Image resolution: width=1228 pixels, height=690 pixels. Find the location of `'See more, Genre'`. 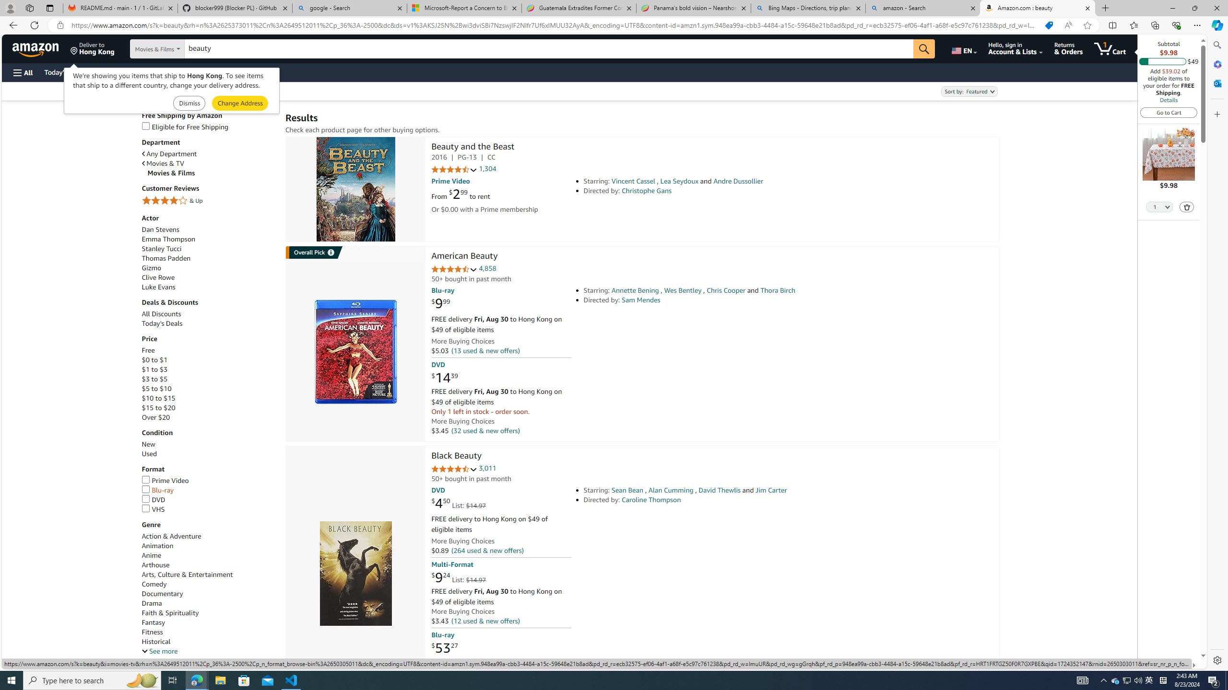

'See more, Genre' is located at coordinates (159, 651).